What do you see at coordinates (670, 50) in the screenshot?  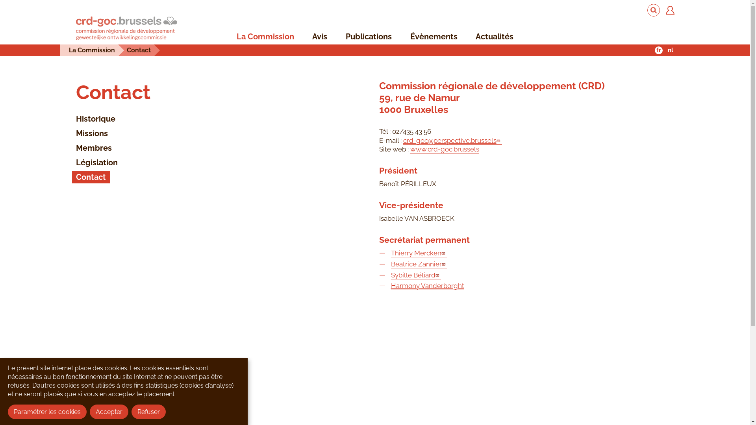 I see `'nl'` at bounding box center [670, 50].